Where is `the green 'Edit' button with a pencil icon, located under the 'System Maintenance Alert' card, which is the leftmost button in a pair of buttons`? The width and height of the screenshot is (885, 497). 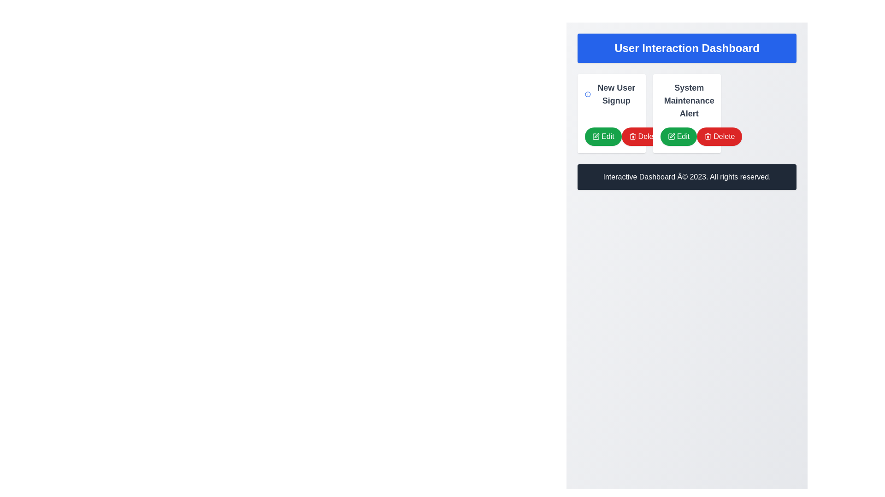
the green 'Edit' button with a pencil icon, located under the 'System Maintenance Alert' card, which is the leftmost button in a pair of buttons is located at coordinates (687, 137).